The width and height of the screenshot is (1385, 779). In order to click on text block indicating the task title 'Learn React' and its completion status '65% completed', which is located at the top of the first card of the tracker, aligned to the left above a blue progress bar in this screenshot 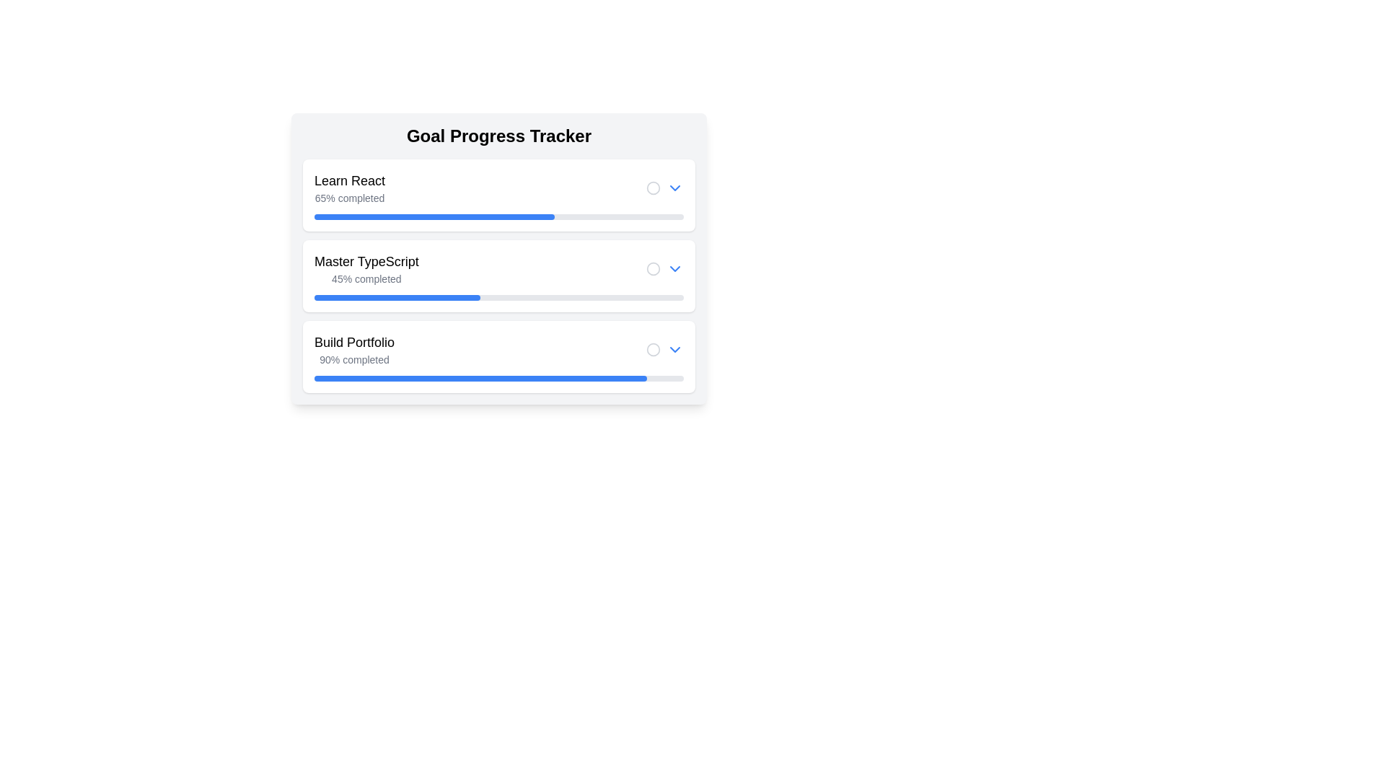, I will do `click(349, 188)`.